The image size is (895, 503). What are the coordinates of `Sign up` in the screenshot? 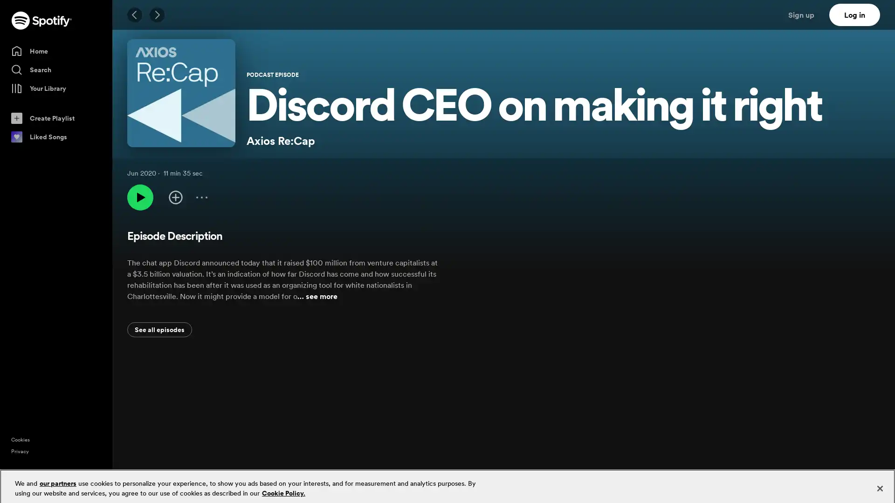 It's located at (806, 14).